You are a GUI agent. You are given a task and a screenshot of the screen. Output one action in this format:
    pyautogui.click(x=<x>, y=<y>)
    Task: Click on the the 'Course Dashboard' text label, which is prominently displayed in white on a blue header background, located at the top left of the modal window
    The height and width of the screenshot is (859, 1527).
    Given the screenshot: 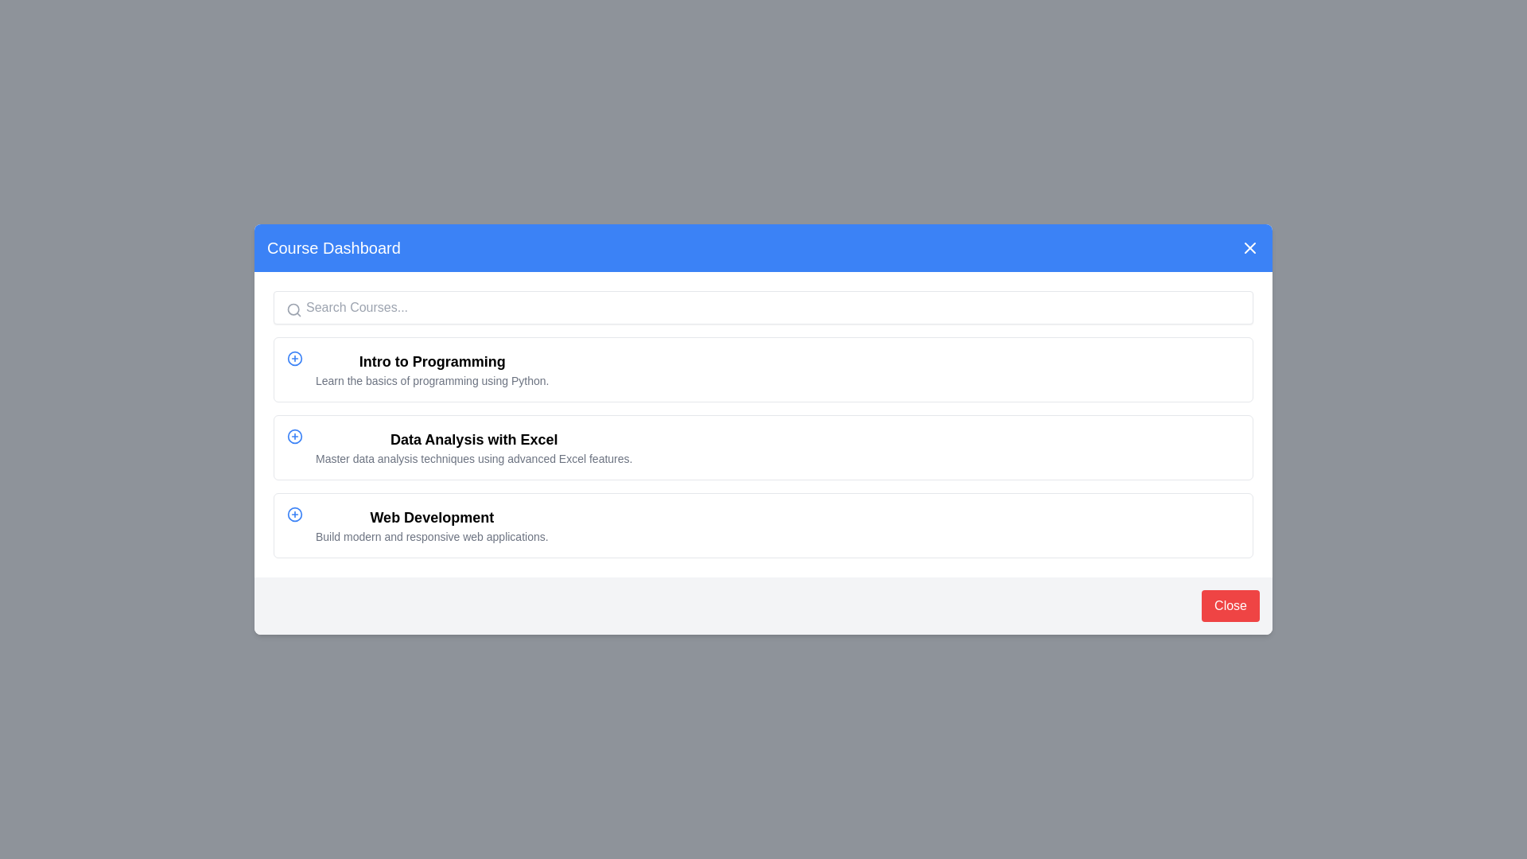 What is the action you would take?
    pyautogui.click(x=332, y=248)
    